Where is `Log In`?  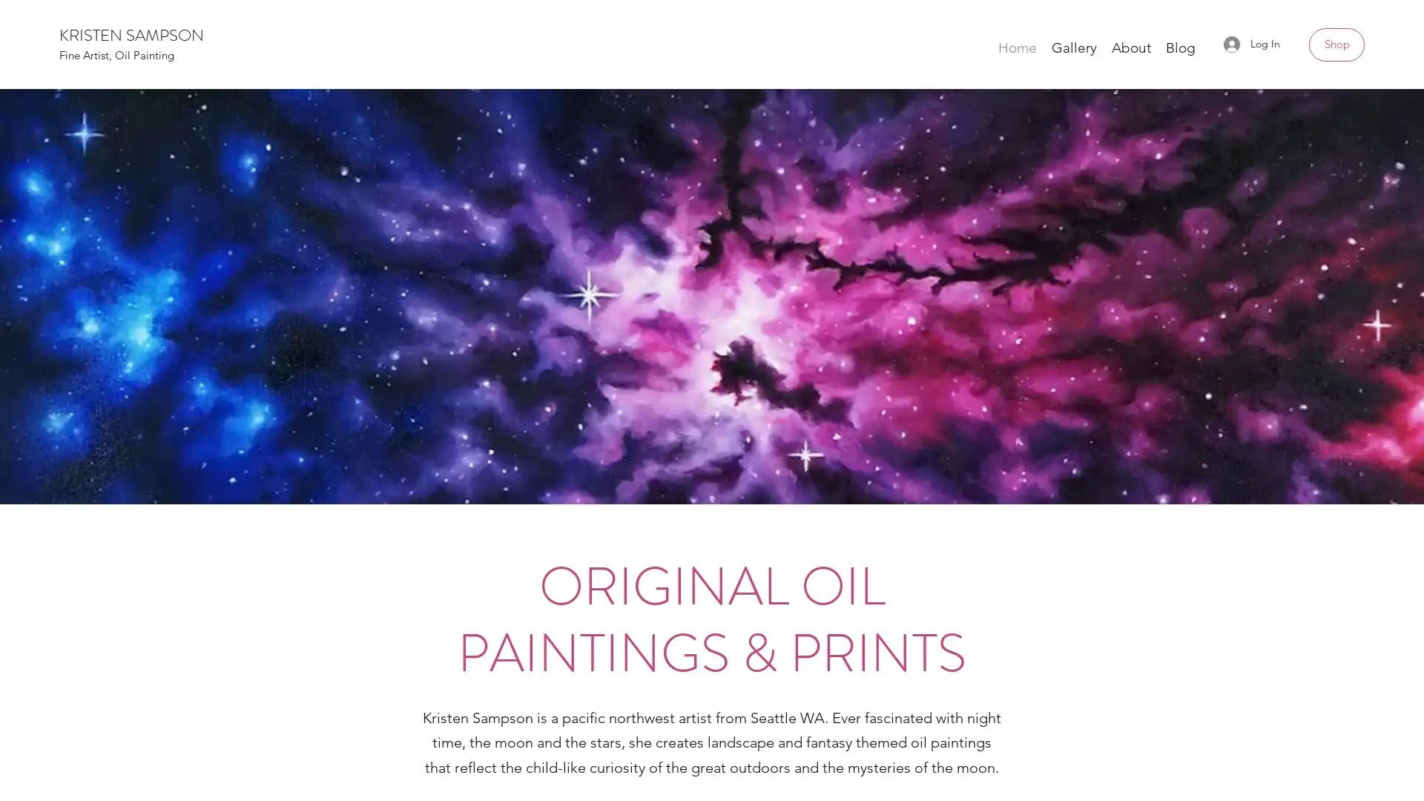
Log In is located at coordinates (1251, 43).